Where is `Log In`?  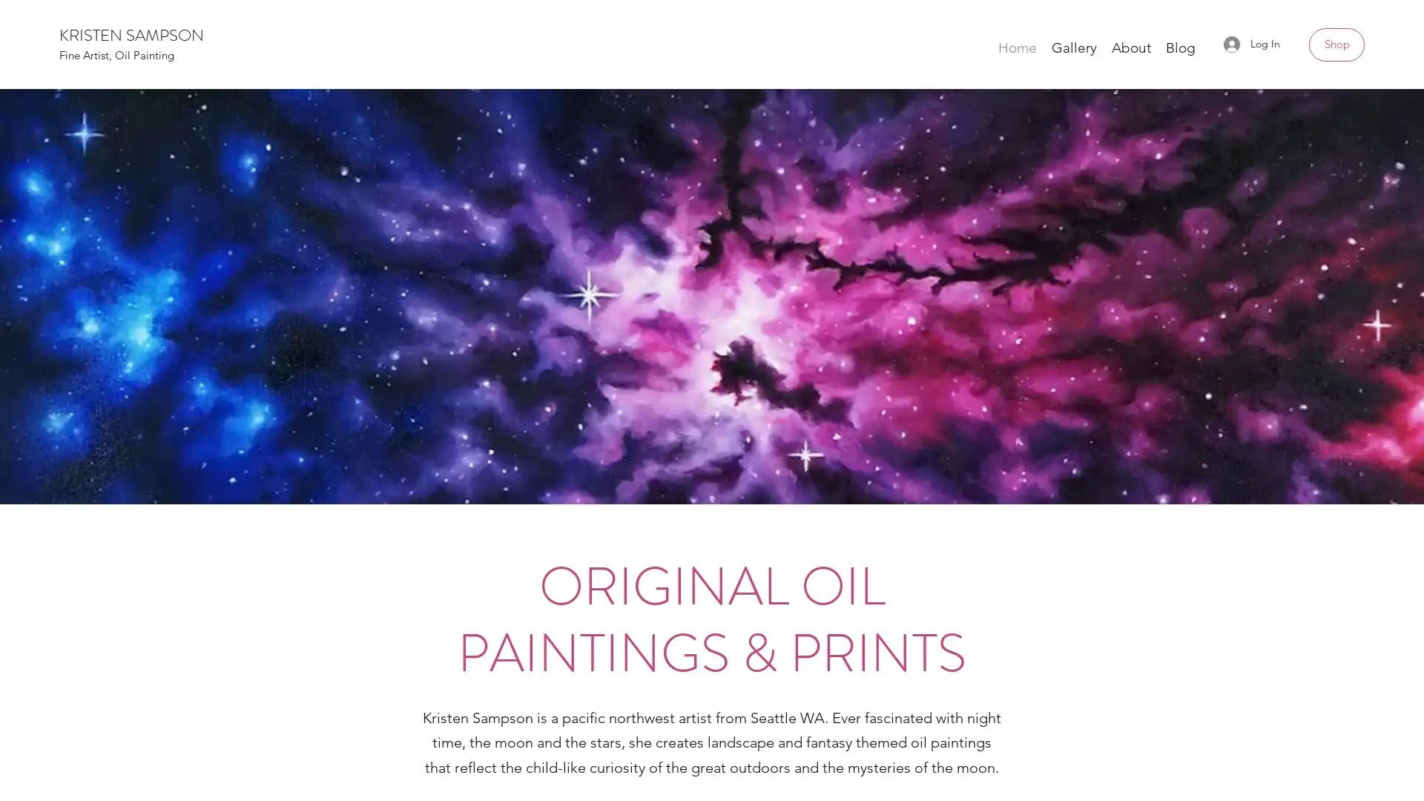
Log In is located at coordinates (1251, 43).